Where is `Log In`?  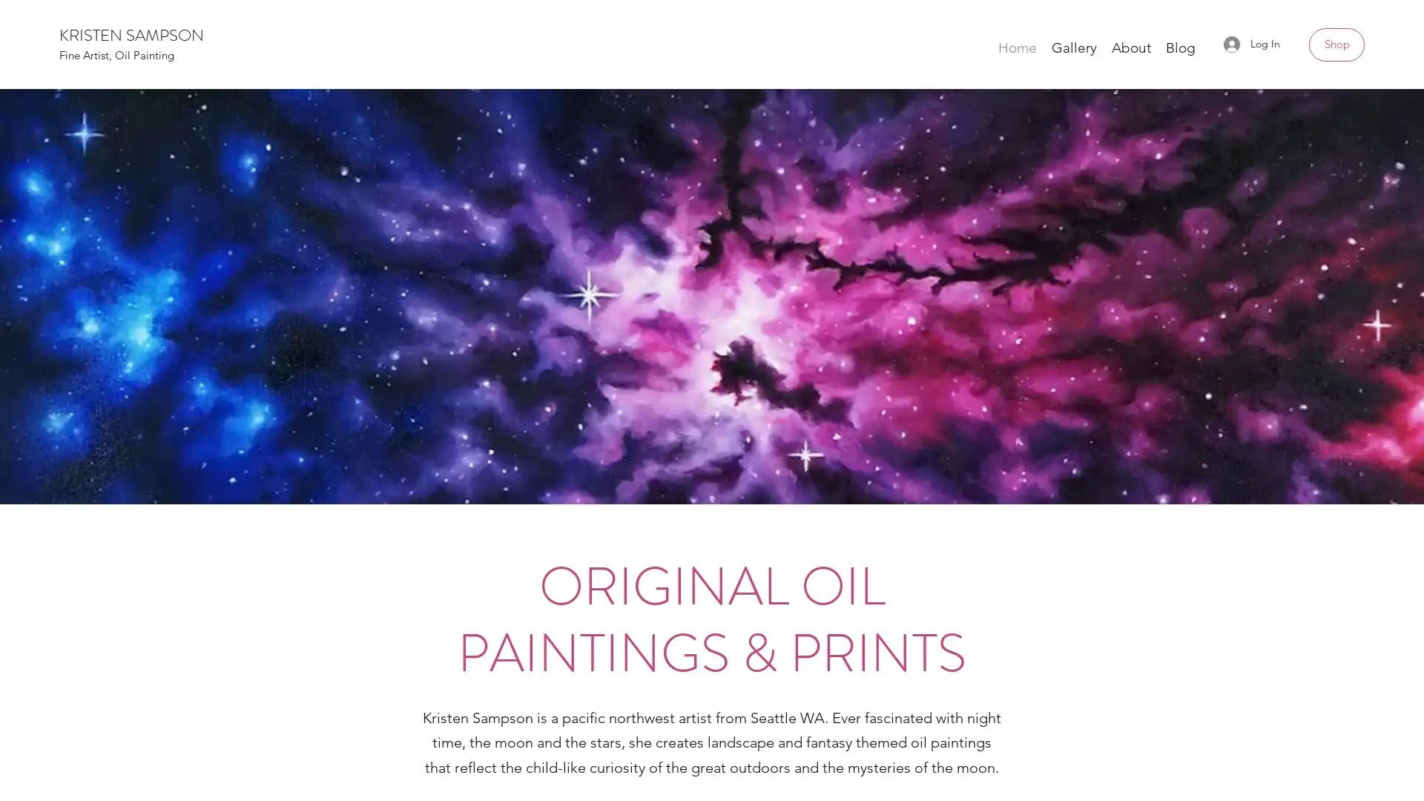
Log In is located at coordinates (1251, 43).